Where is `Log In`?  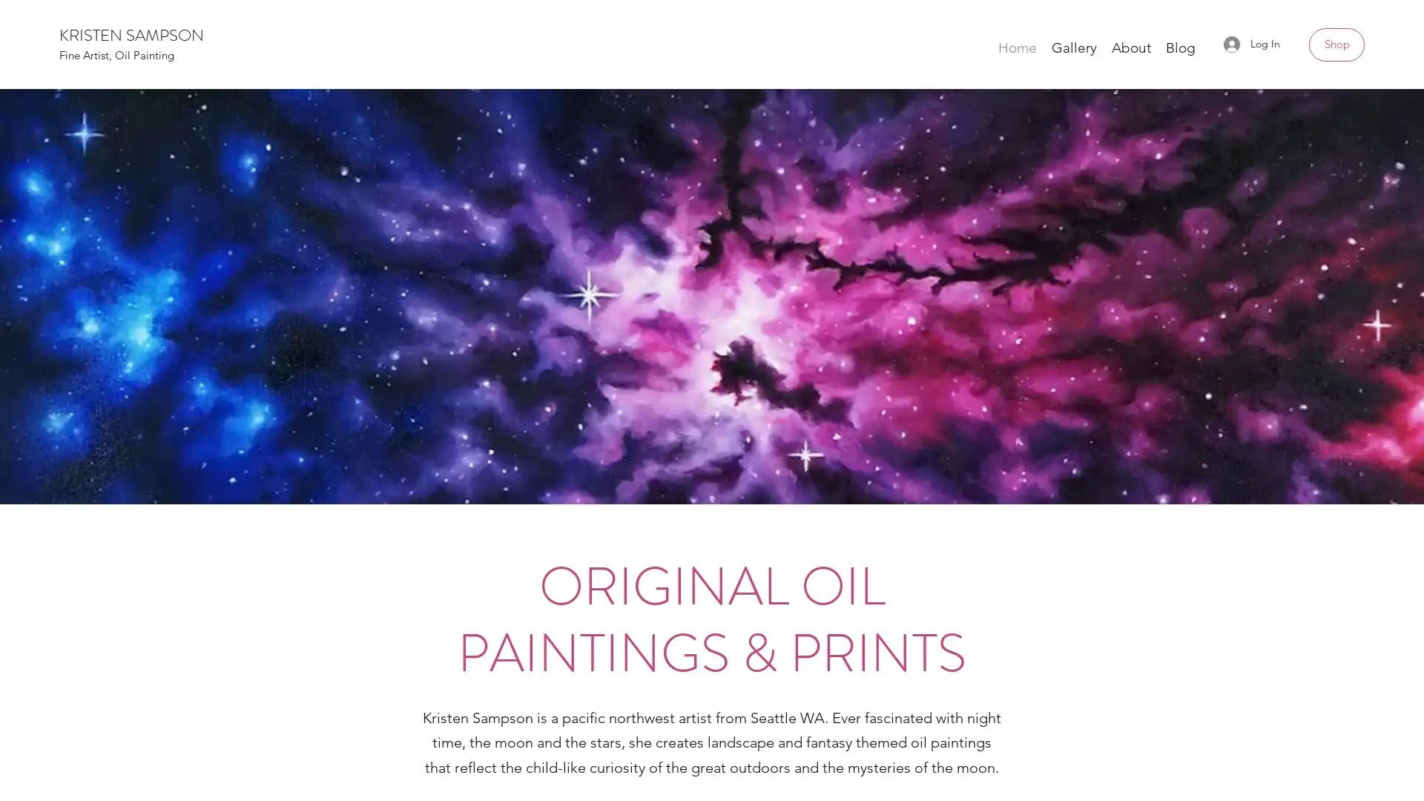
Log In is located at coordinates (1251, 43).